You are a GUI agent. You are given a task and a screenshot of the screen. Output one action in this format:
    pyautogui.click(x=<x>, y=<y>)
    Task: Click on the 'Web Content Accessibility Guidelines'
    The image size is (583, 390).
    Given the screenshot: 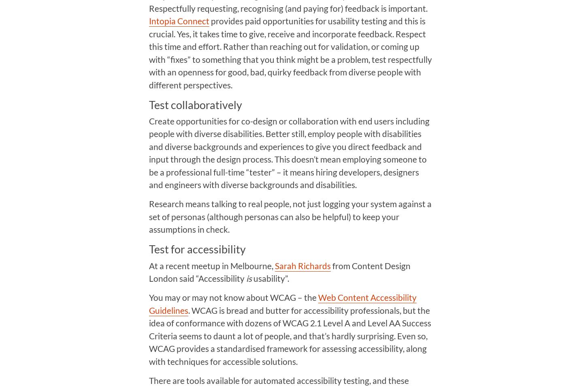 What is the action you would take?
    pyautogui.click(x=282, y=304)
    